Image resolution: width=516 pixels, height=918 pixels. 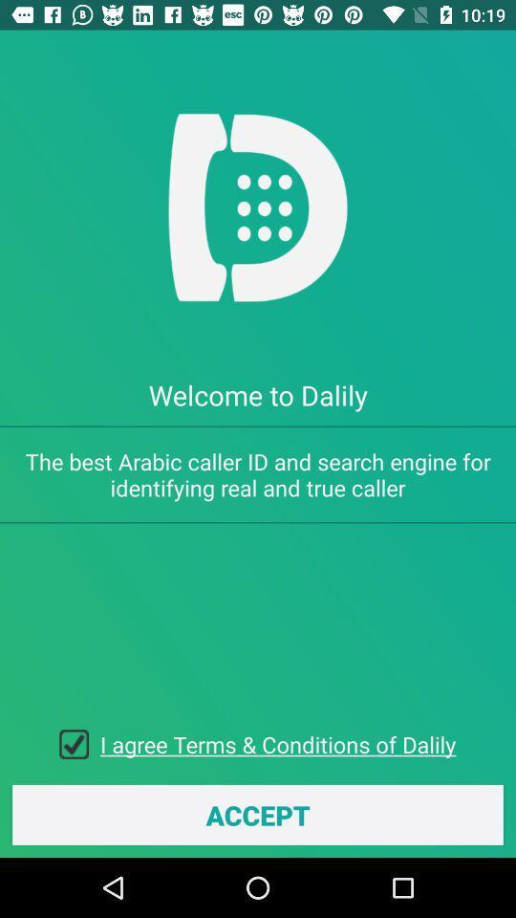 I want to click on the i agree terms, so click(x=277, y=743).